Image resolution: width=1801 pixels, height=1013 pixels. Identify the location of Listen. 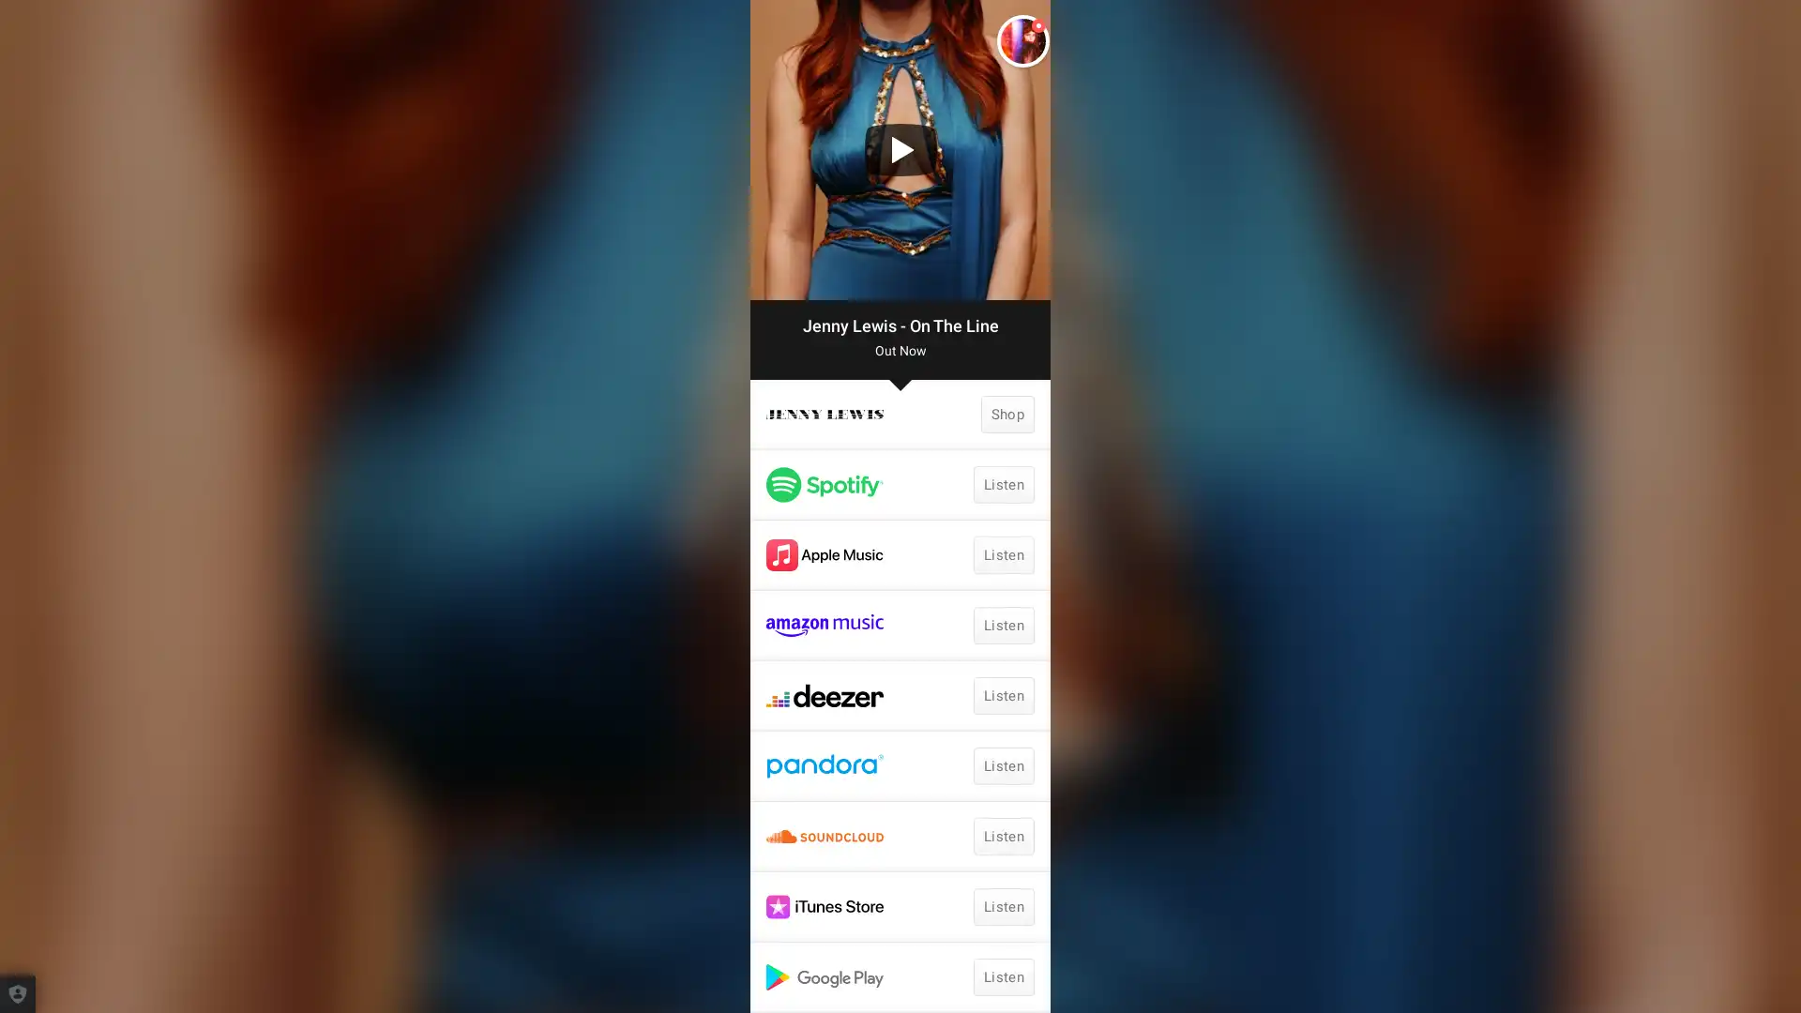
(1003, 483).